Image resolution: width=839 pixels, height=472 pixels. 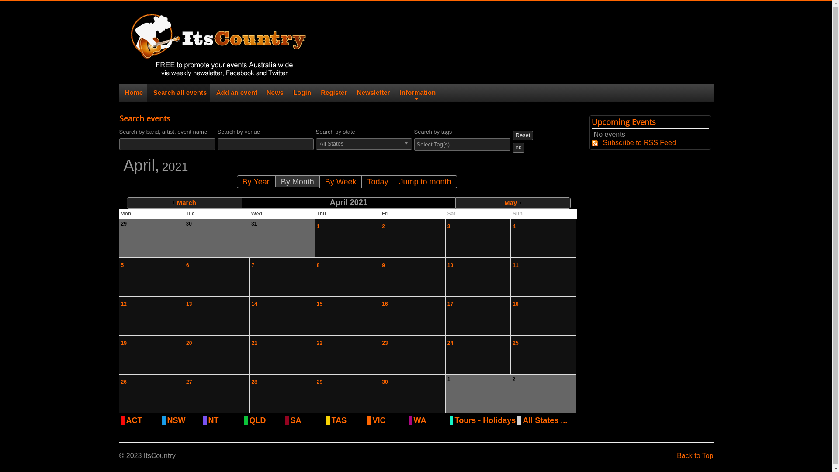 I want to click on '9', so click(x=381, y=264).